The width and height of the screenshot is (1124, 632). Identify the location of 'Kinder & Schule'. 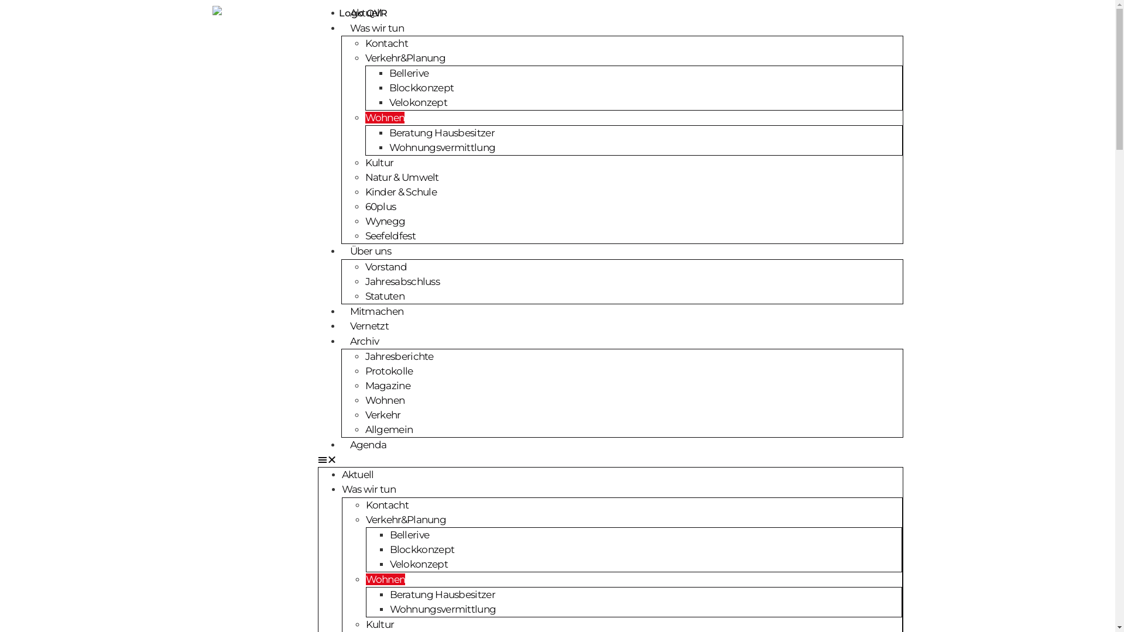
(401, 191).